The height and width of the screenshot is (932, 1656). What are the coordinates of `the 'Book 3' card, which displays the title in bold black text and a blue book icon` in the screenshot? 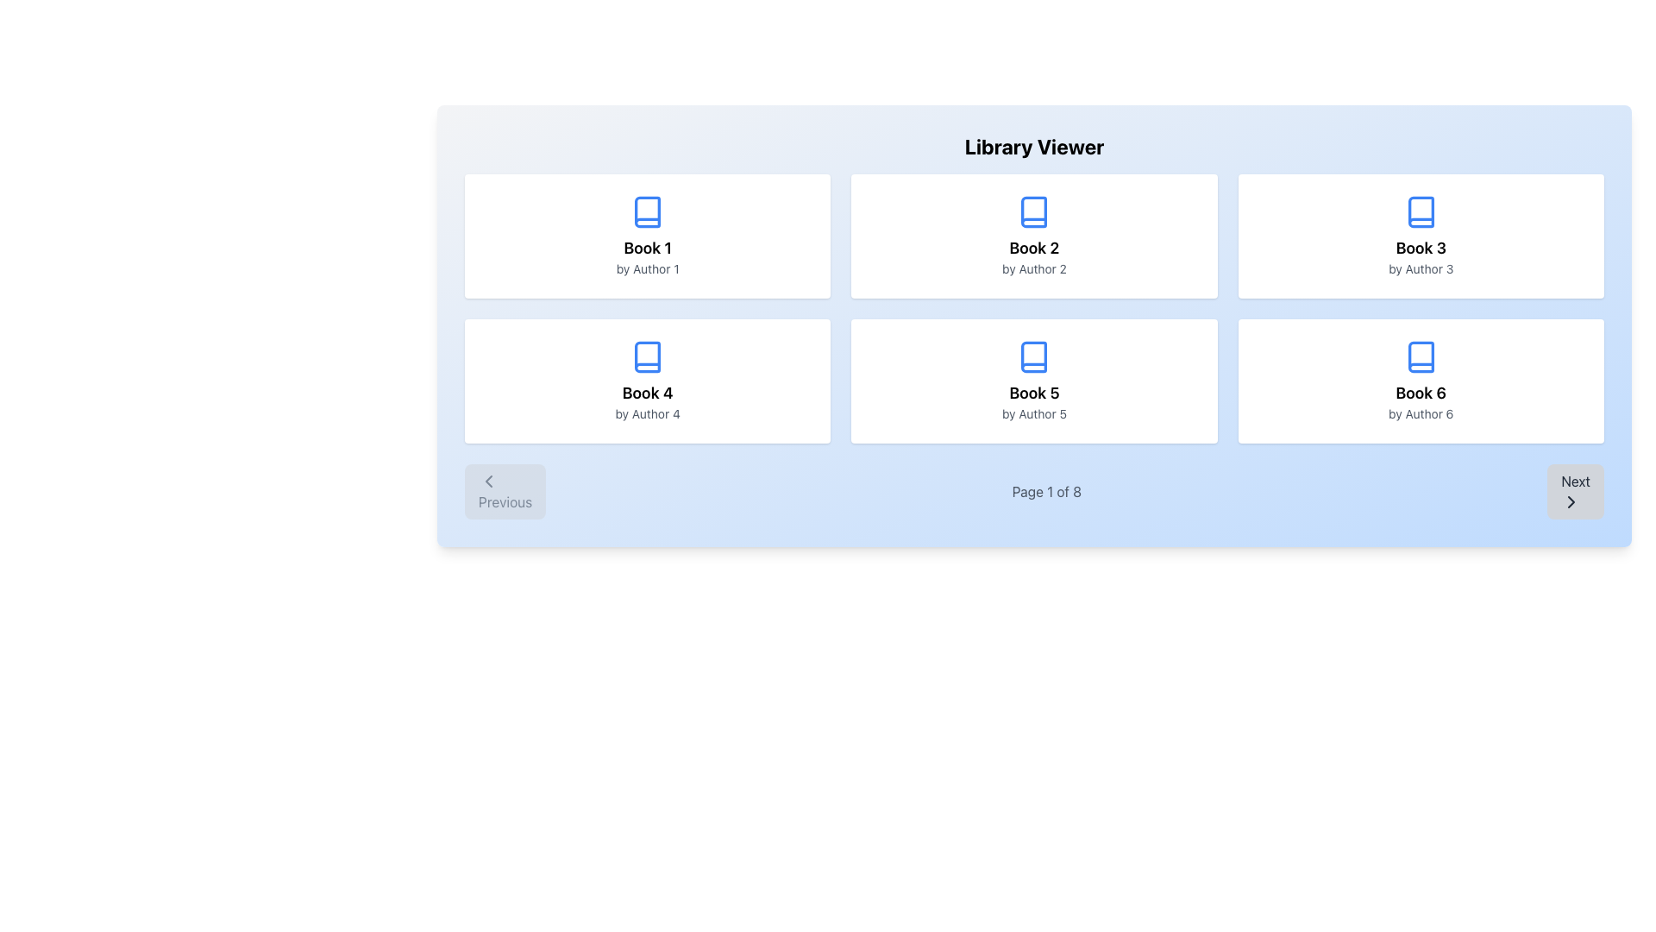 It's located at (1421, 236).